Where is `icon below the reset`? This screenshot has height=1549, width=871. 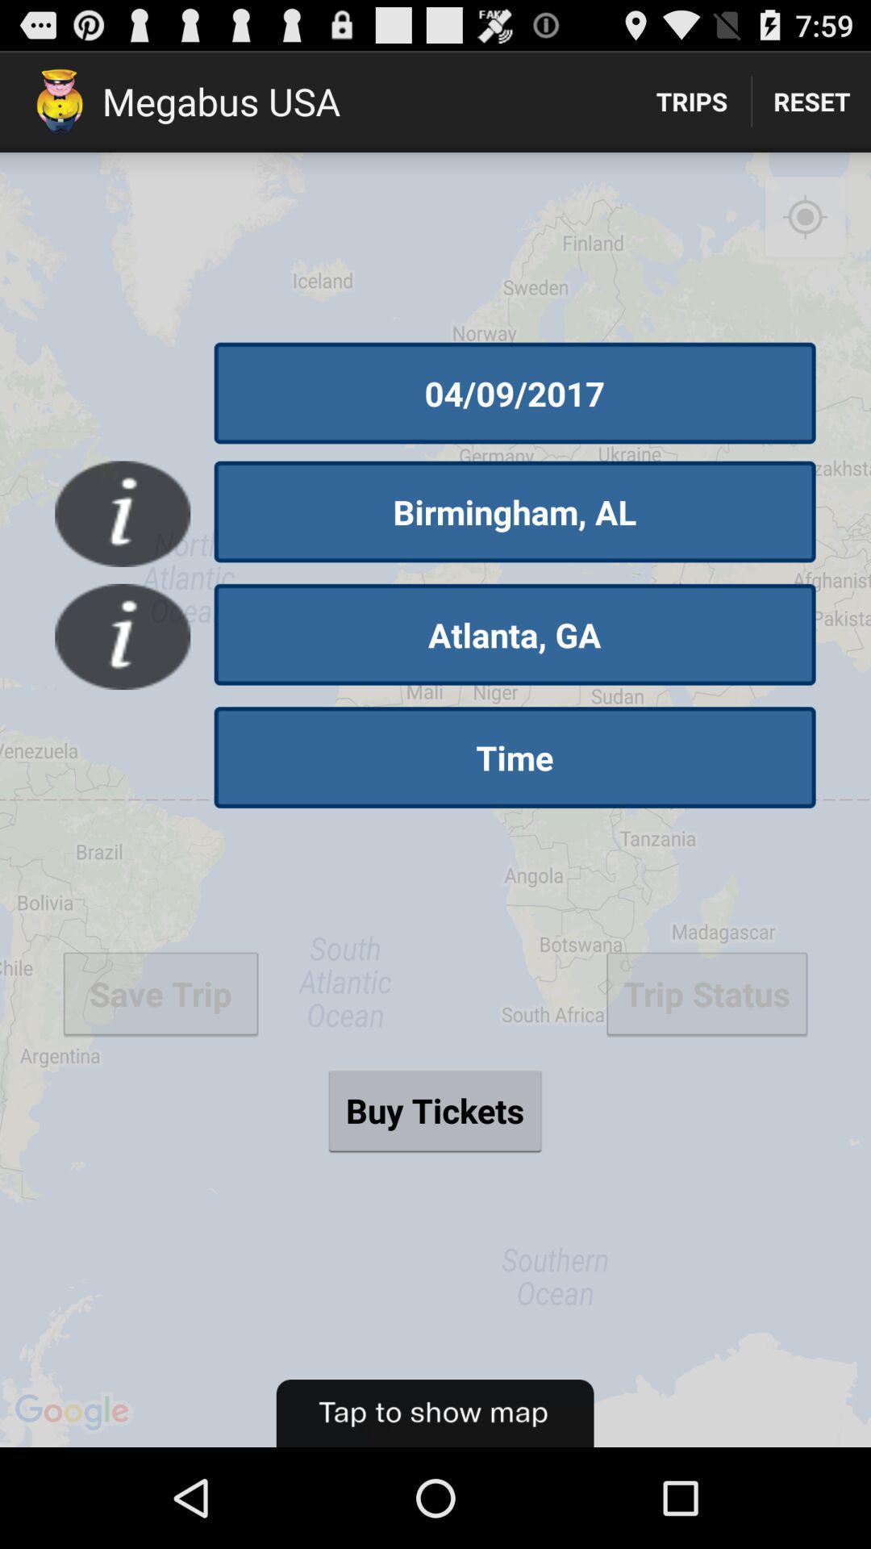
icon below the reset is located at coordinates (805, 217).